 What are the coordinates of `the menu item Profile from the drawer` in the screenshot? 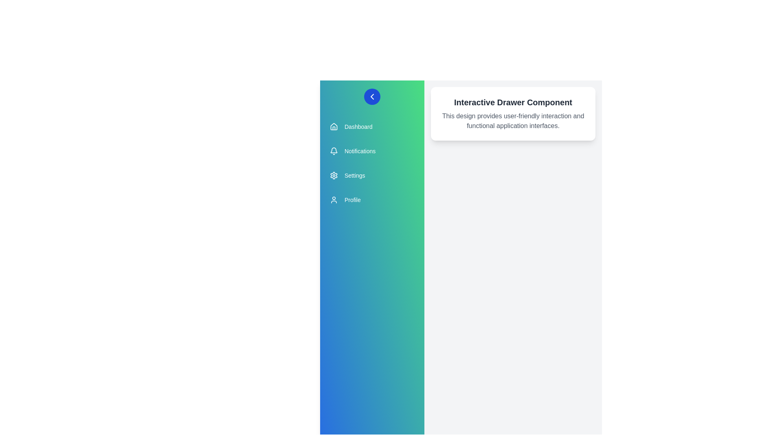 It's located at (371, 200).